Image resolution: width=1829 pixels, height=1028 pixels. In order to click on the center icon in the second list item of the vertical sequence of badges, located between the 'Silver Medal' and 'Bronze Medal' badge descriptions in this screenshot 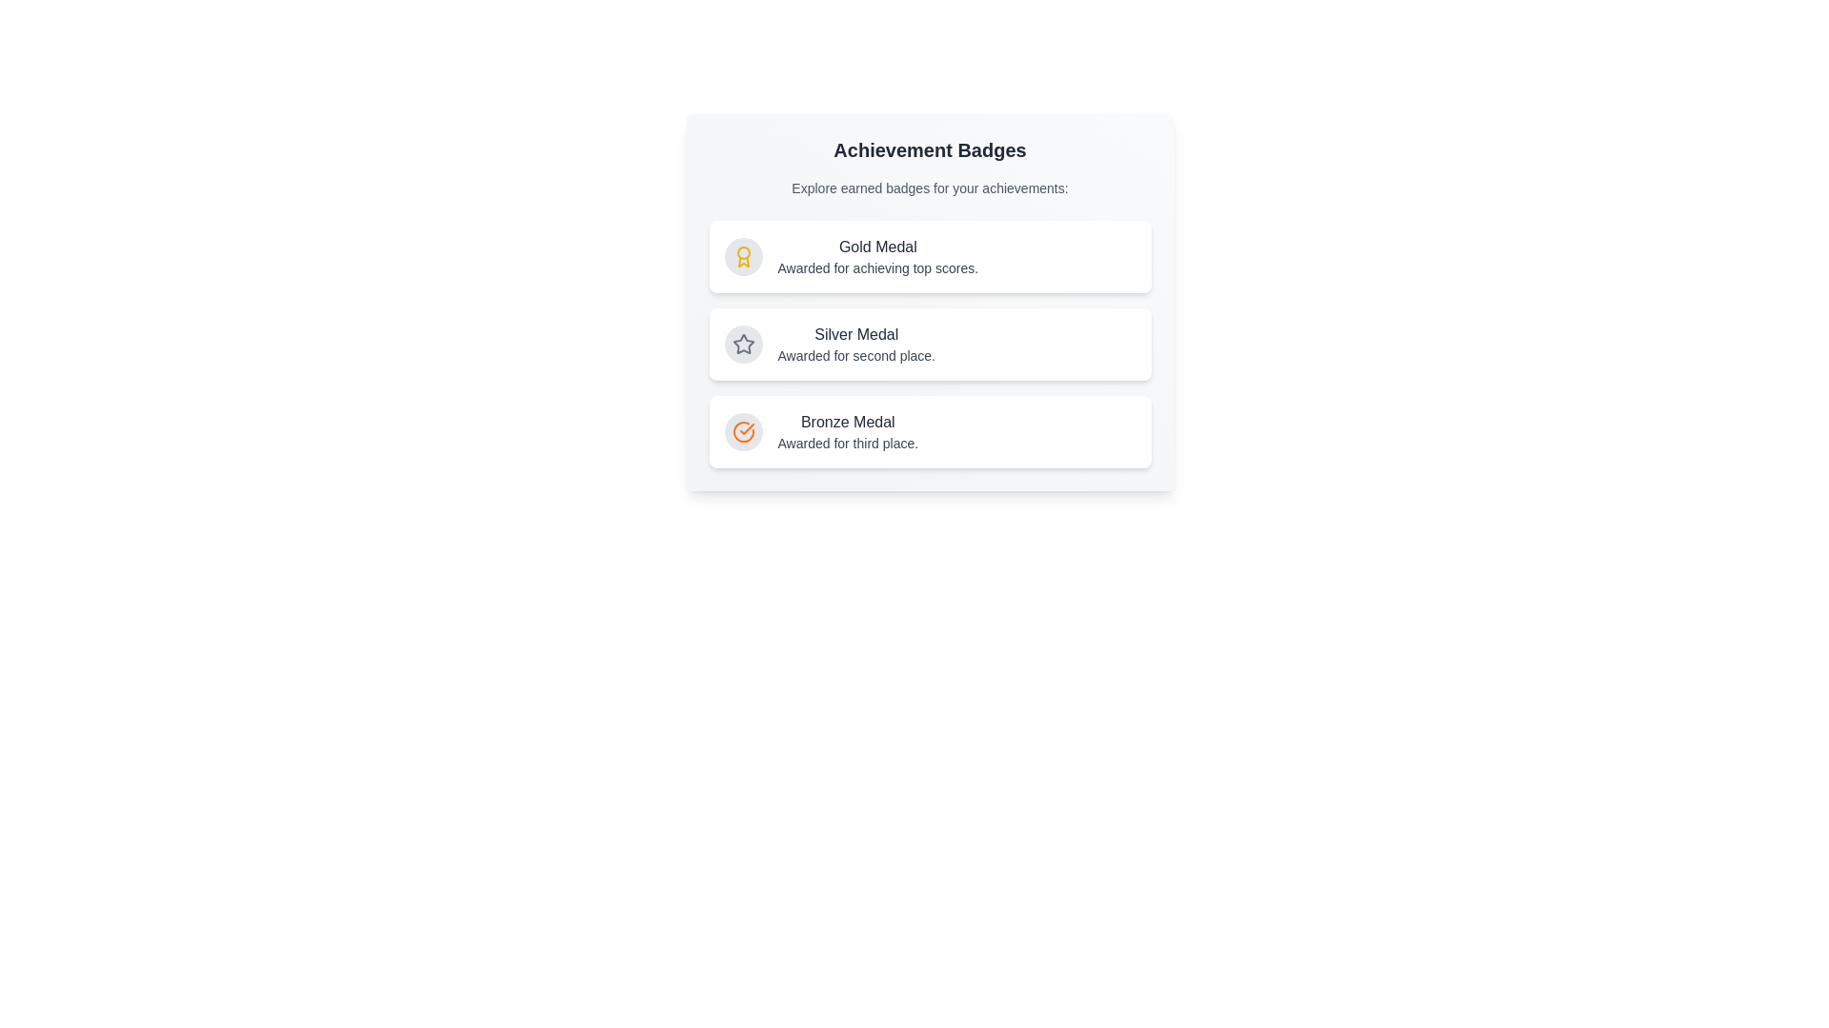, I will do `click(742, 345)`.